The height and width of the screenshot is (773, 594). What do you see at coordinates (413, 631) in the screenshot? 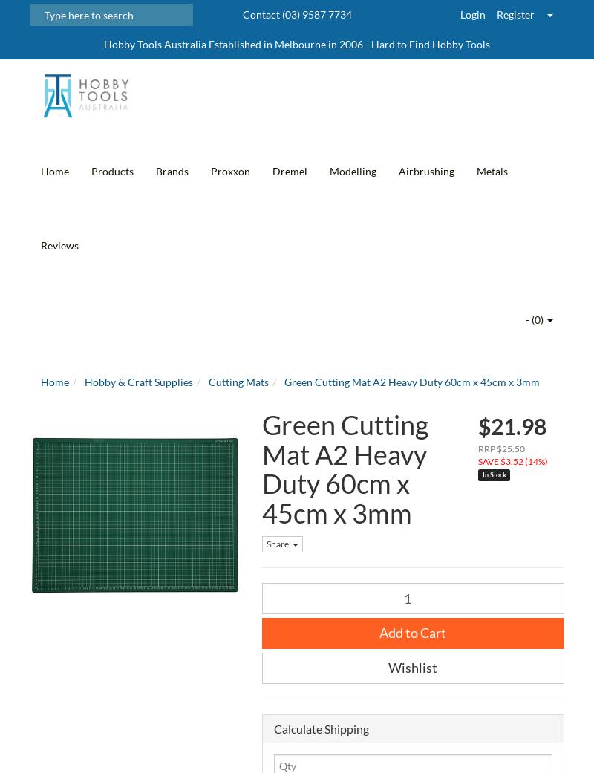
I see `'Add to Cart'` at bounding box center [413, 631].